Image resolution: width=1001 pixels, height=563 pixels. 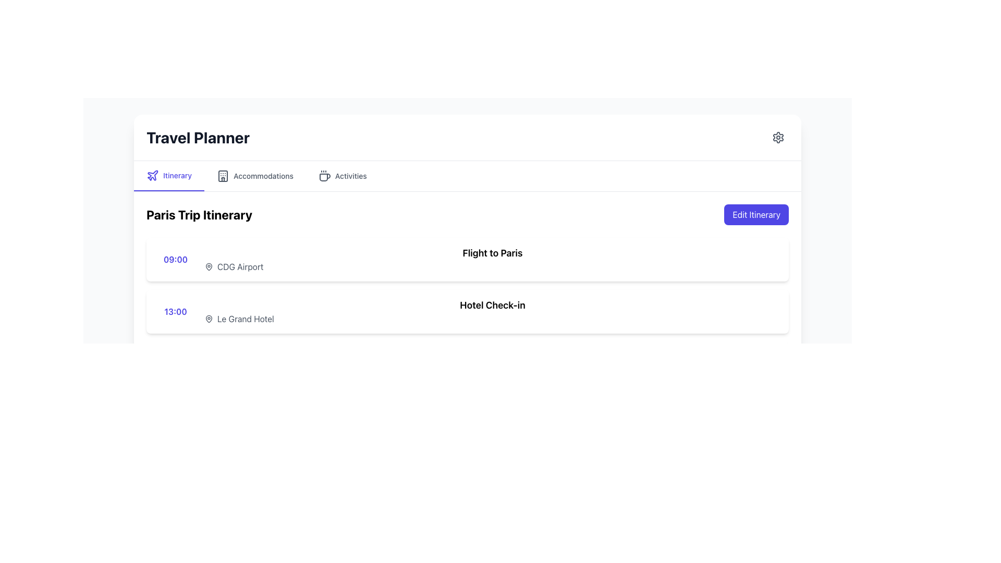 What do you see at coordinates (223, 176) in the screenshot?
I see `the pill-shaped button located between the 'Itinerary' and 'Accommodations' buttons` at bounding box center [223, 176].